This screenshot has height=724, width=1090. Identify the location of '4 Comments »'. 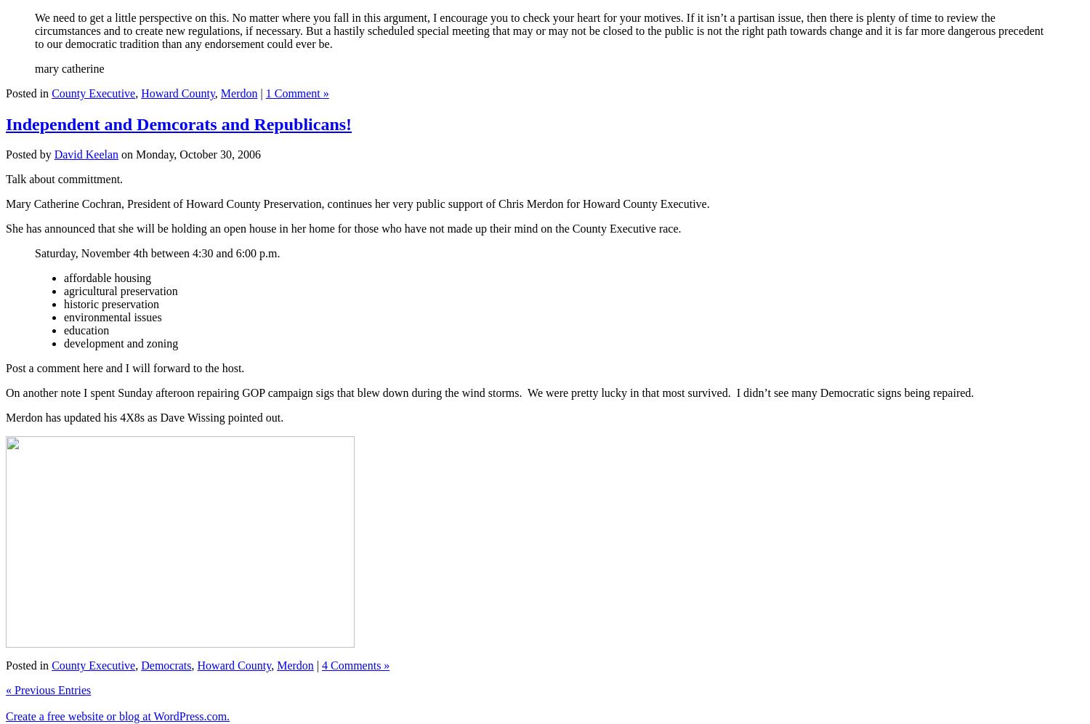
(320, 665).